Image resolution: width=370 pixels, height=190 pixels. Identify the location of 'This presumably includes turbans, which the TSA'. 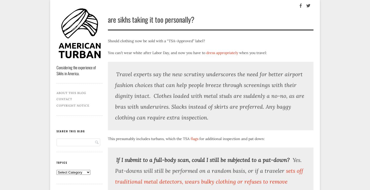
(108, 138).